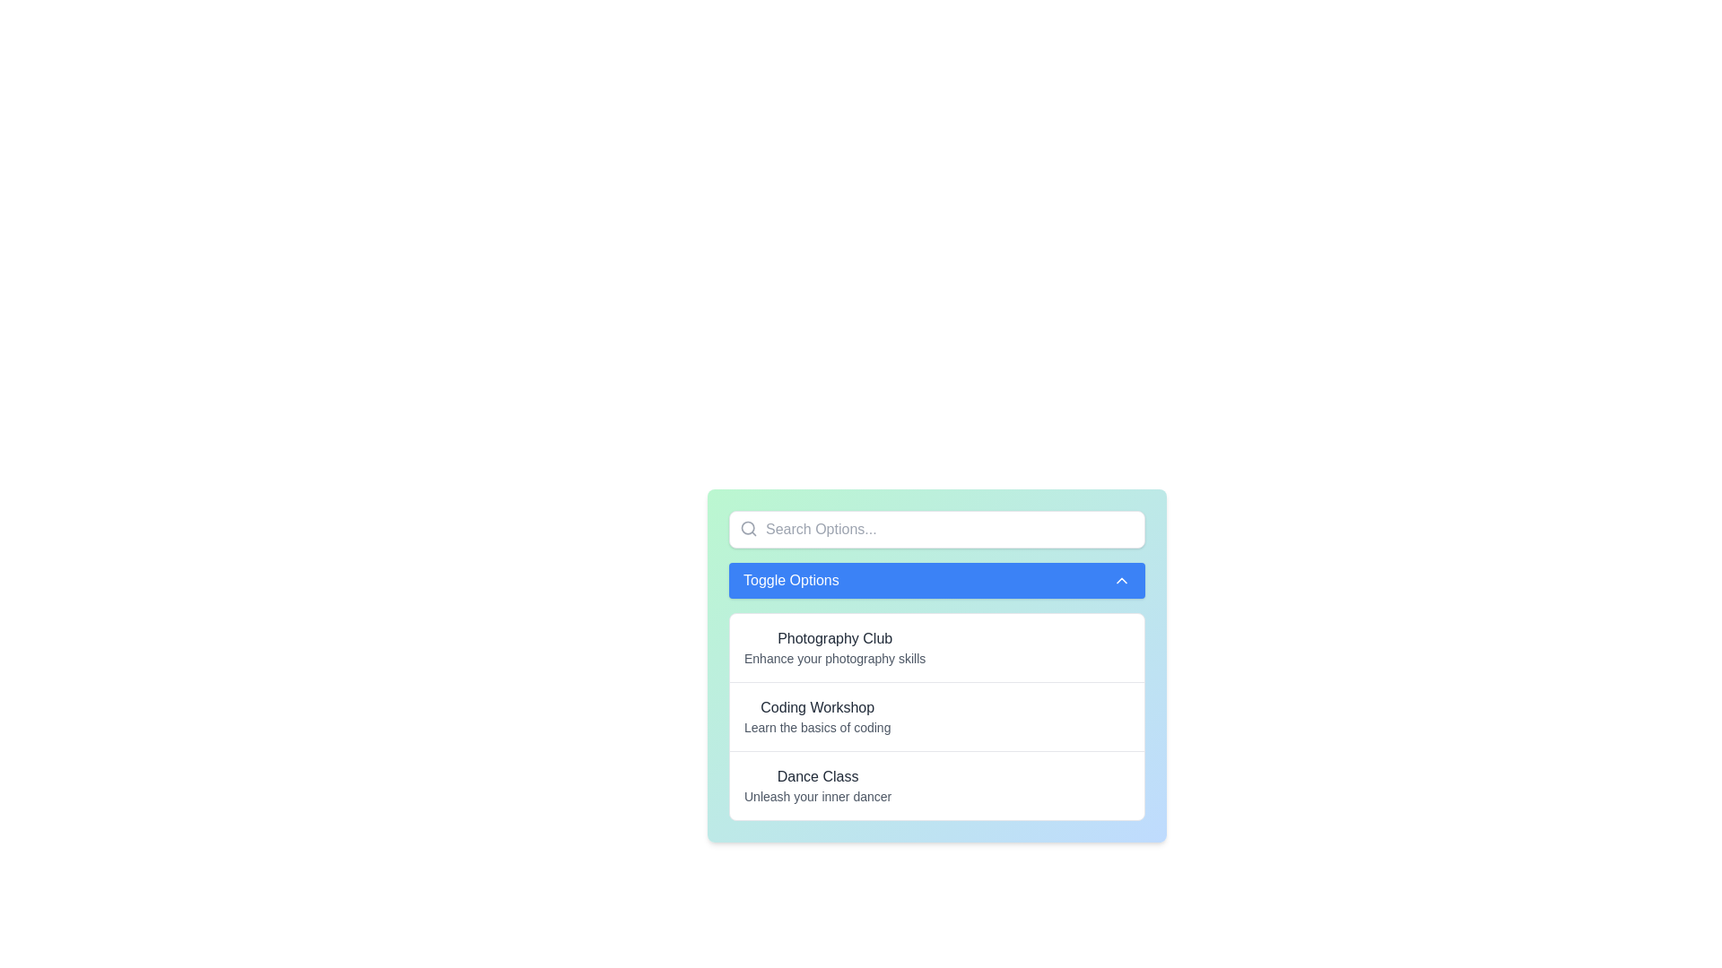 Image resolution: width=1722 pixels, height=968 pixels. I want to click on the text element reading 'Enhance your photography skills', which is styled in a smaller font size and gray color, located directly below the heading 'Photography Club', so click(834, 659).